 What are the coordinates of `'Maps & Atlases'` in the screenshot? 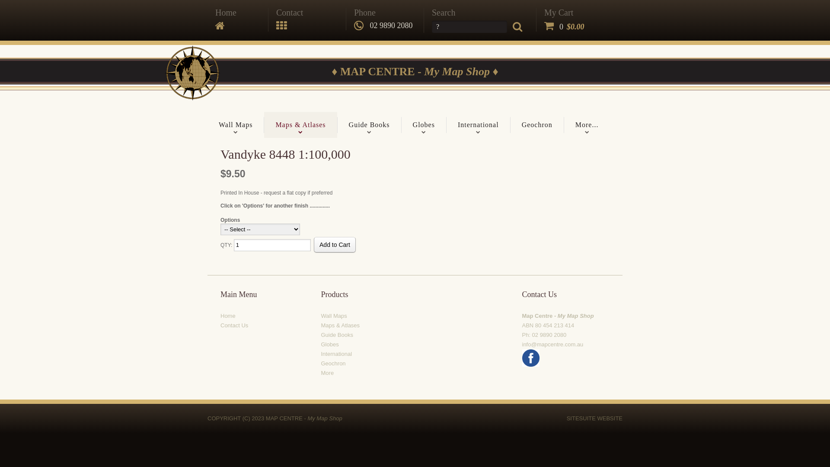 It's located at (340, 325).